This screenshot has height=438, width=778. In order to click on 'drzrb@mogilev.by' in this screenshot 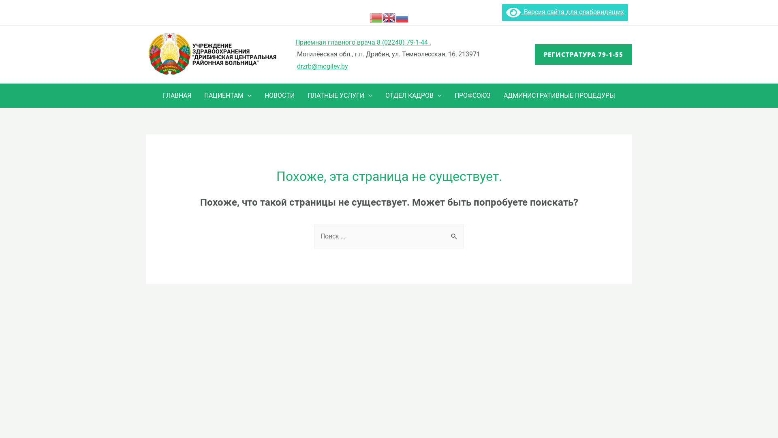, I will do `click(322, 66)`.